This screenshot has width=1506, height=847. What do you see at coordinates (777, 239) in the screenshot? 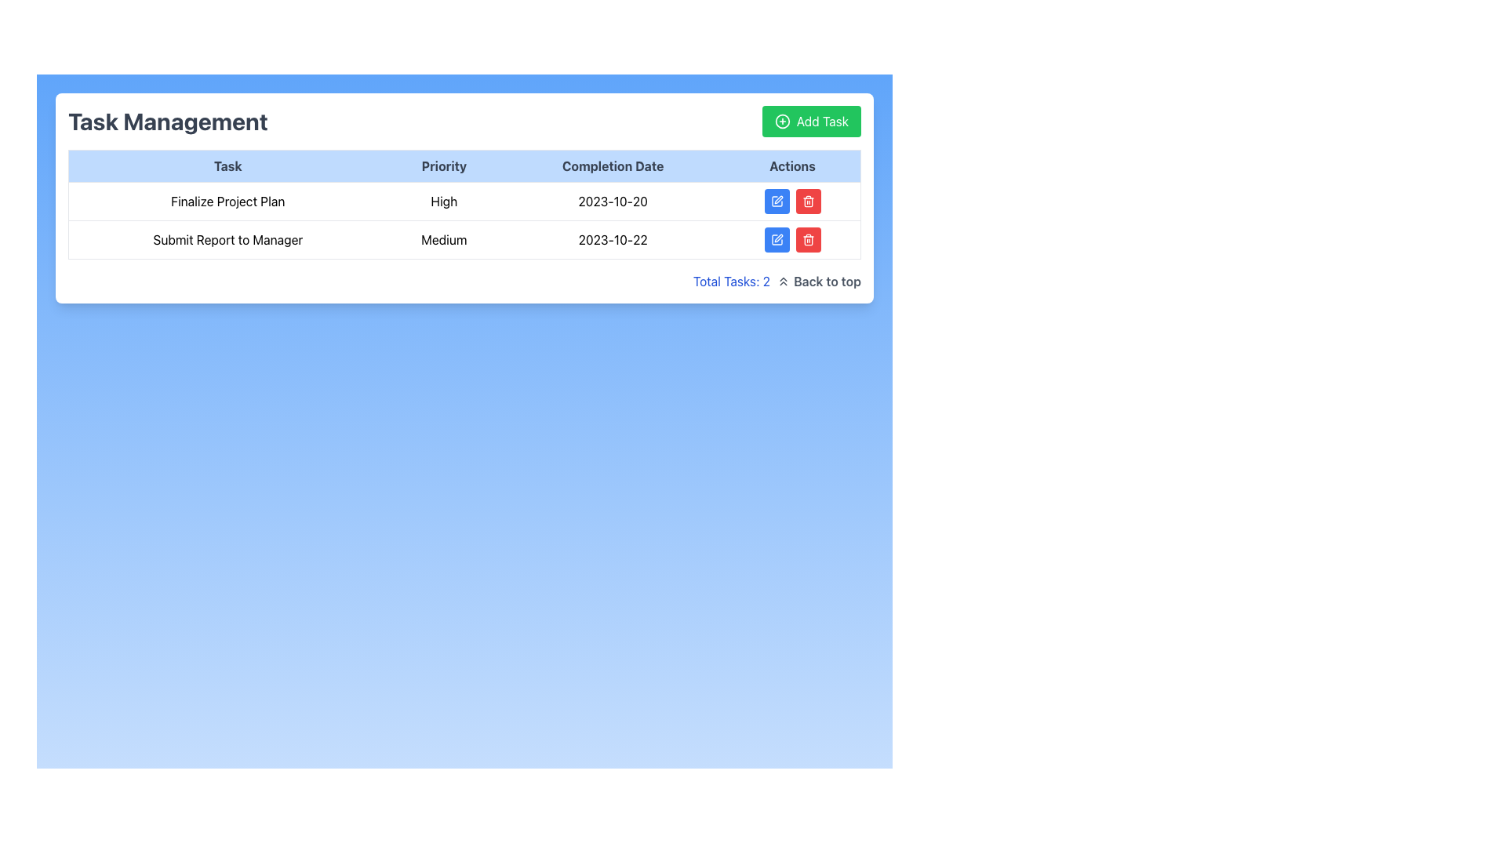
I see `the edit button located in the 'Actions' column of the second row of the task table` at bounding box center [777, 239].